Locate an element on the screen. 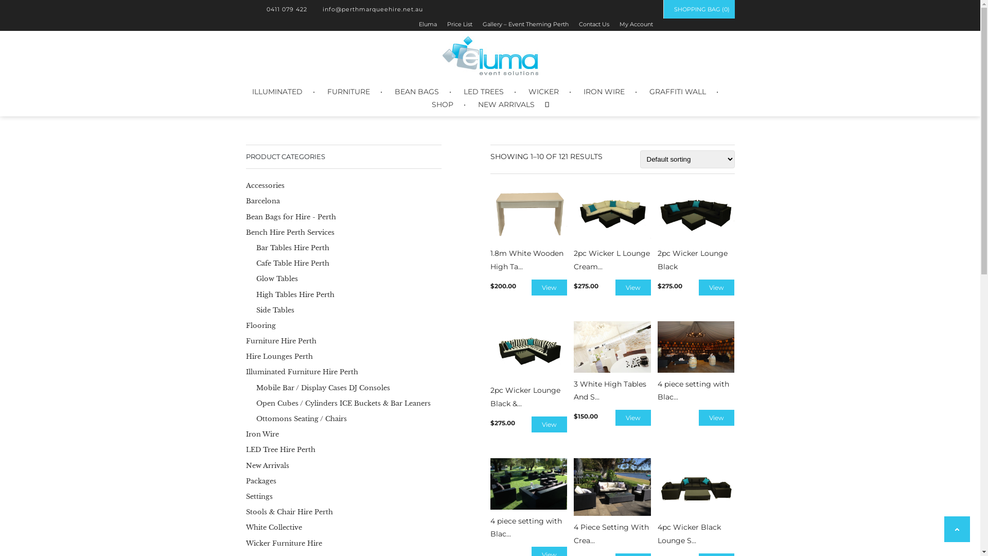 The width and height of the screenshot is (988, 556). 'Bean Bags for Hire - Perth' is located at coordinates (290, 216).